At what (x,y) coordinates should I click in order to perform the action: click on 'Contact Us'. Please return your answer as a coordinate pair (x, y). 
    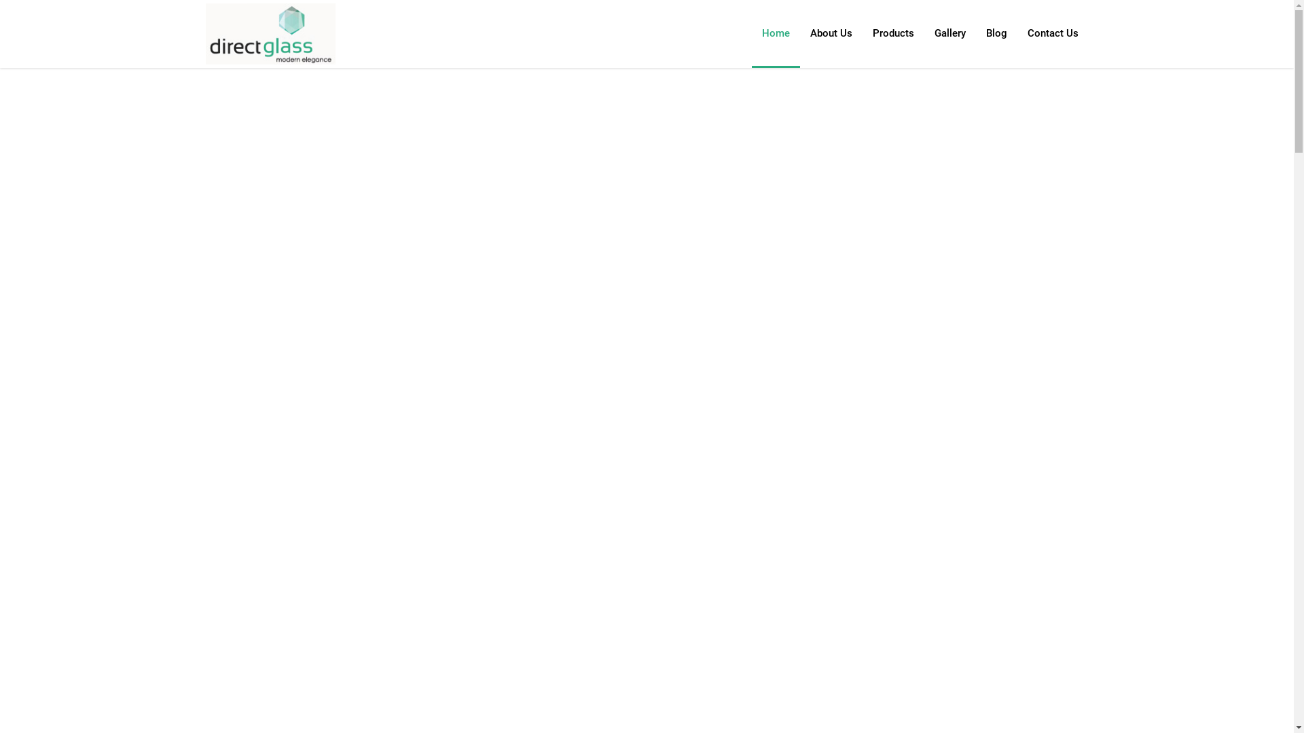
    Looking at the image, I should click on (1017, 33).